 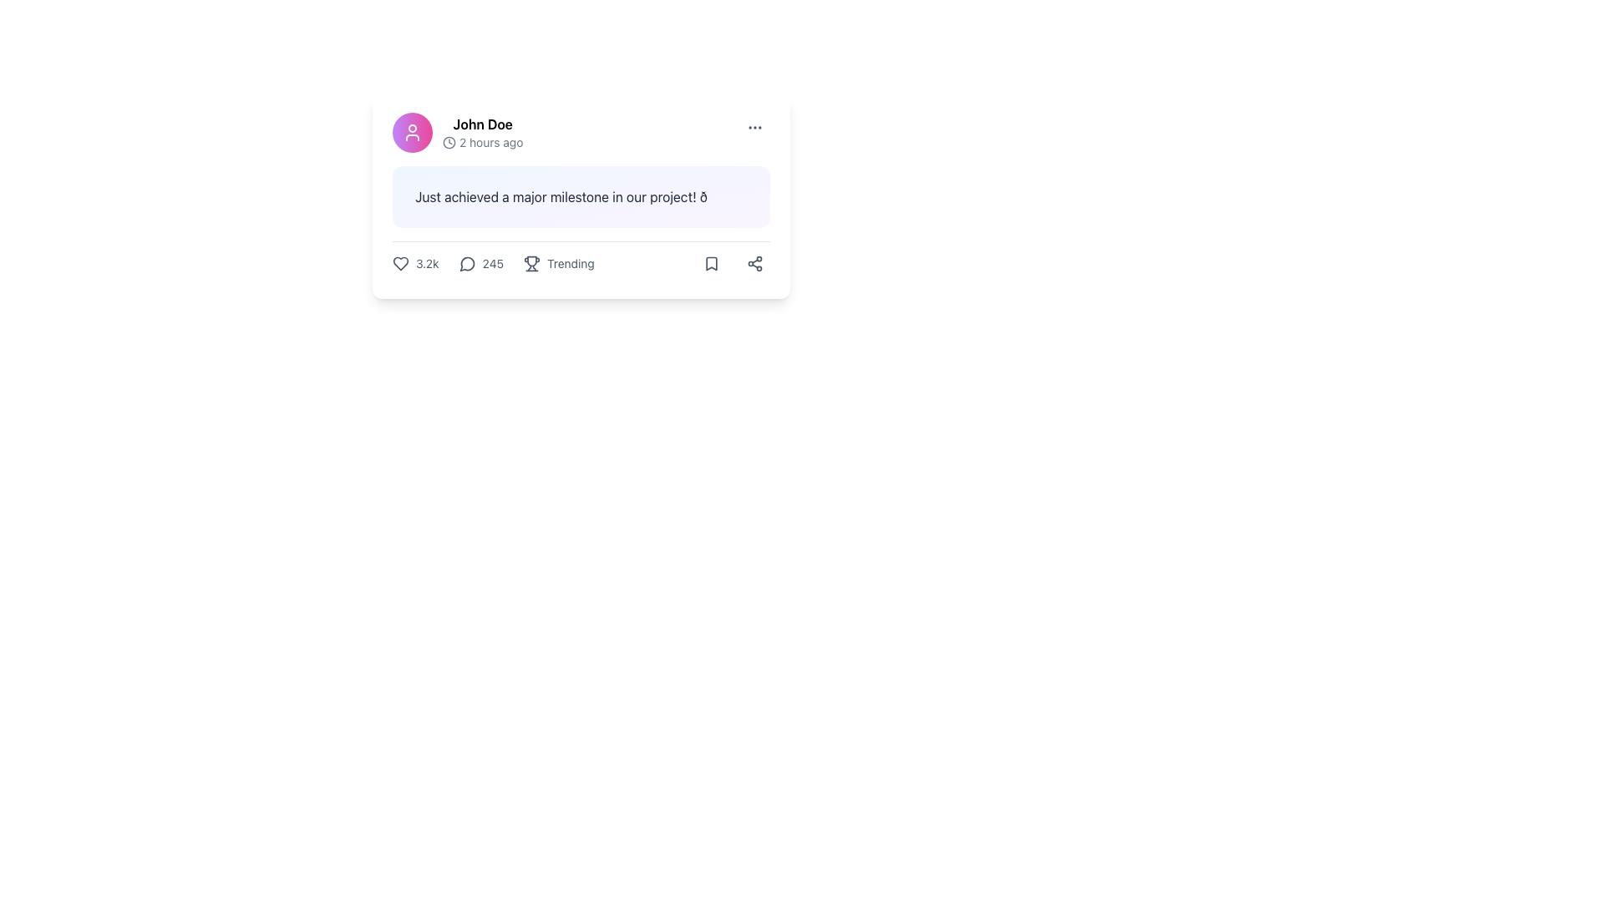 What do you see at coordinates (559, 263) in the screenshot?
I see `the third button in the horizontal section that signifies trending status to change its icon color` at bounding box center [559, 263].